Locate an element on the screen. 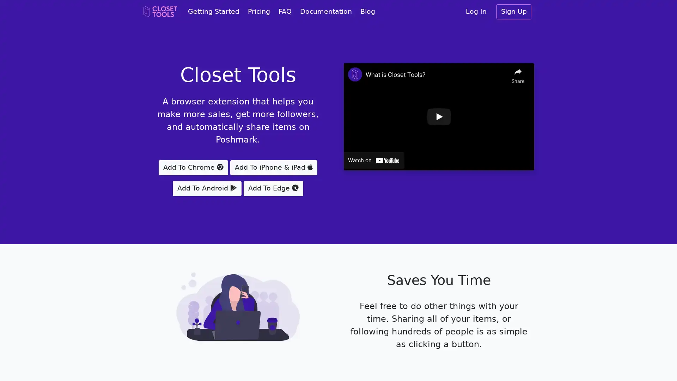  Add To iPhone & iPad is located at coordinates (273, 167).